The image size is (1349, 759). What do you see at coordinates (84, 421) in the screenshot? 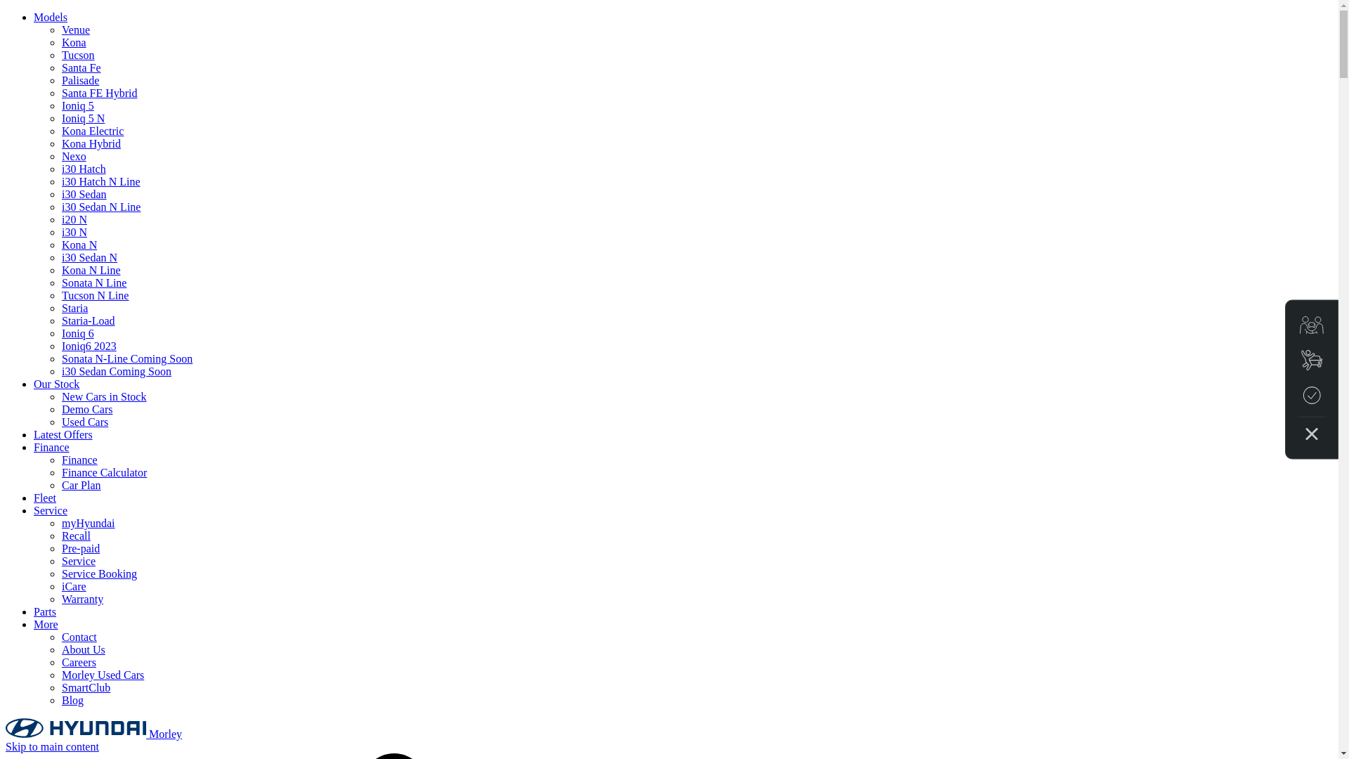
I see `'Used Cars'` at bounding box center [84, 421].